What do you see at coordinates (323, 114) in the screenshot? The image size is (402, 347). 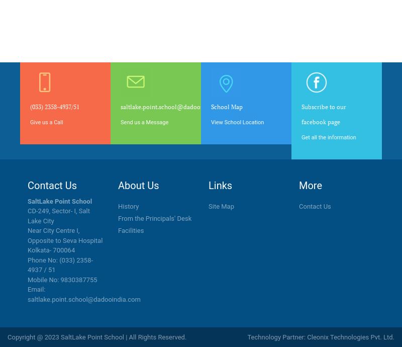 I see `'Subscribe to our facebook page'` at bounding box center [323, 114].